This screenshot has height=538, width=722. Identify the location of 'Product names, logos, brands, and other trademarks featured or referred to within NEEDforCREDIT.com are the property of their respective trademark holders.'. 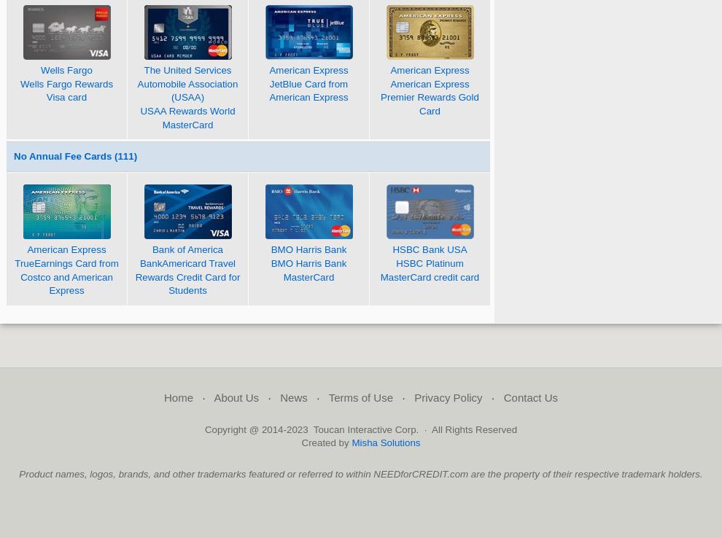
(360, 474).